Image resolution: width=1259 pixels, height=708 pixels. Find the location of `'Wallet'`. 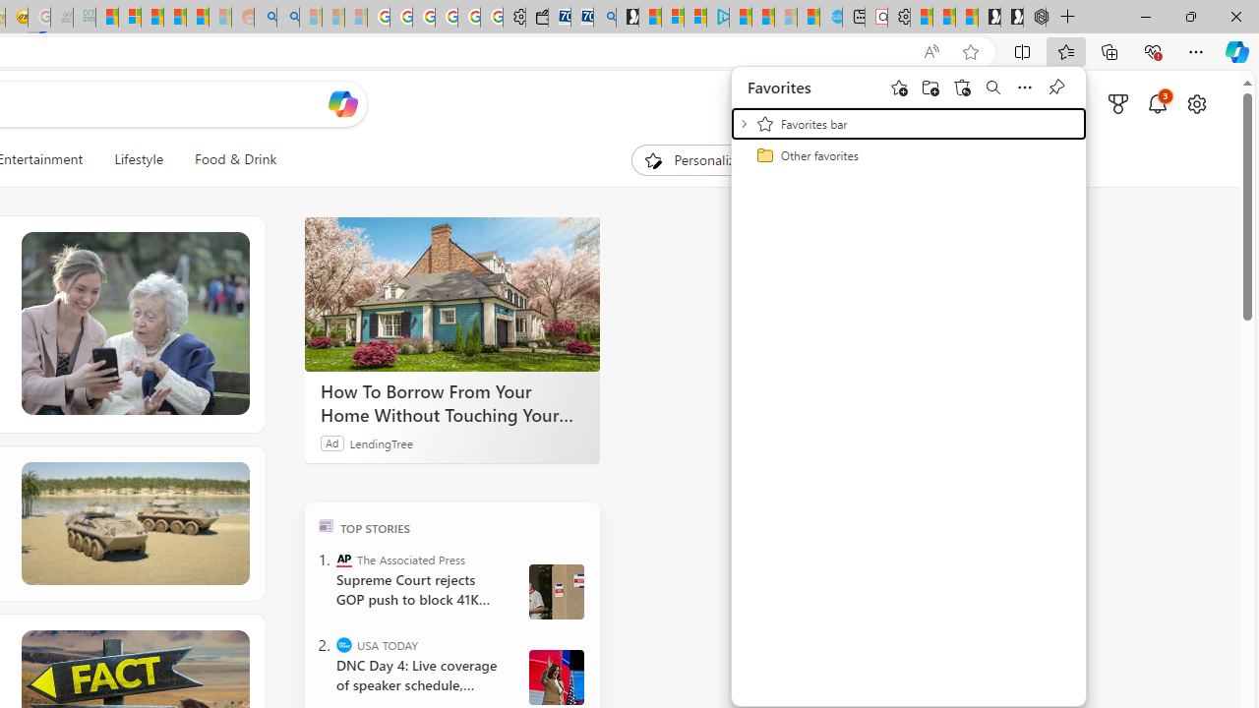

'Wallet' is located at coordinates (536, 17).